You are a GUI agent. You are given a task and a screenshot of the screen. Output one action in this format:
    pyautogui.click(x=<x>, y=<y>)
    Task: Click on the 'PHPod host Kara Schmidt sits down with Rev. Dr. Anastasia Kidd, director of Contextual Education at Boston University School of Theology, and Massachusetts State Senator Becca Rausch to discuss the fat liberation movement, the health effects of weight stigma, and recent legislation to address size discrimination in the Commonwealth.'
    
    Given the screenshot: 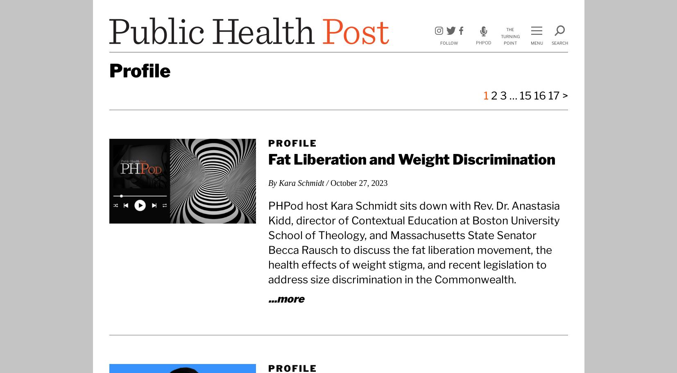 What is the action you would take?
    pyautogui.click(x=267, y=242)
    